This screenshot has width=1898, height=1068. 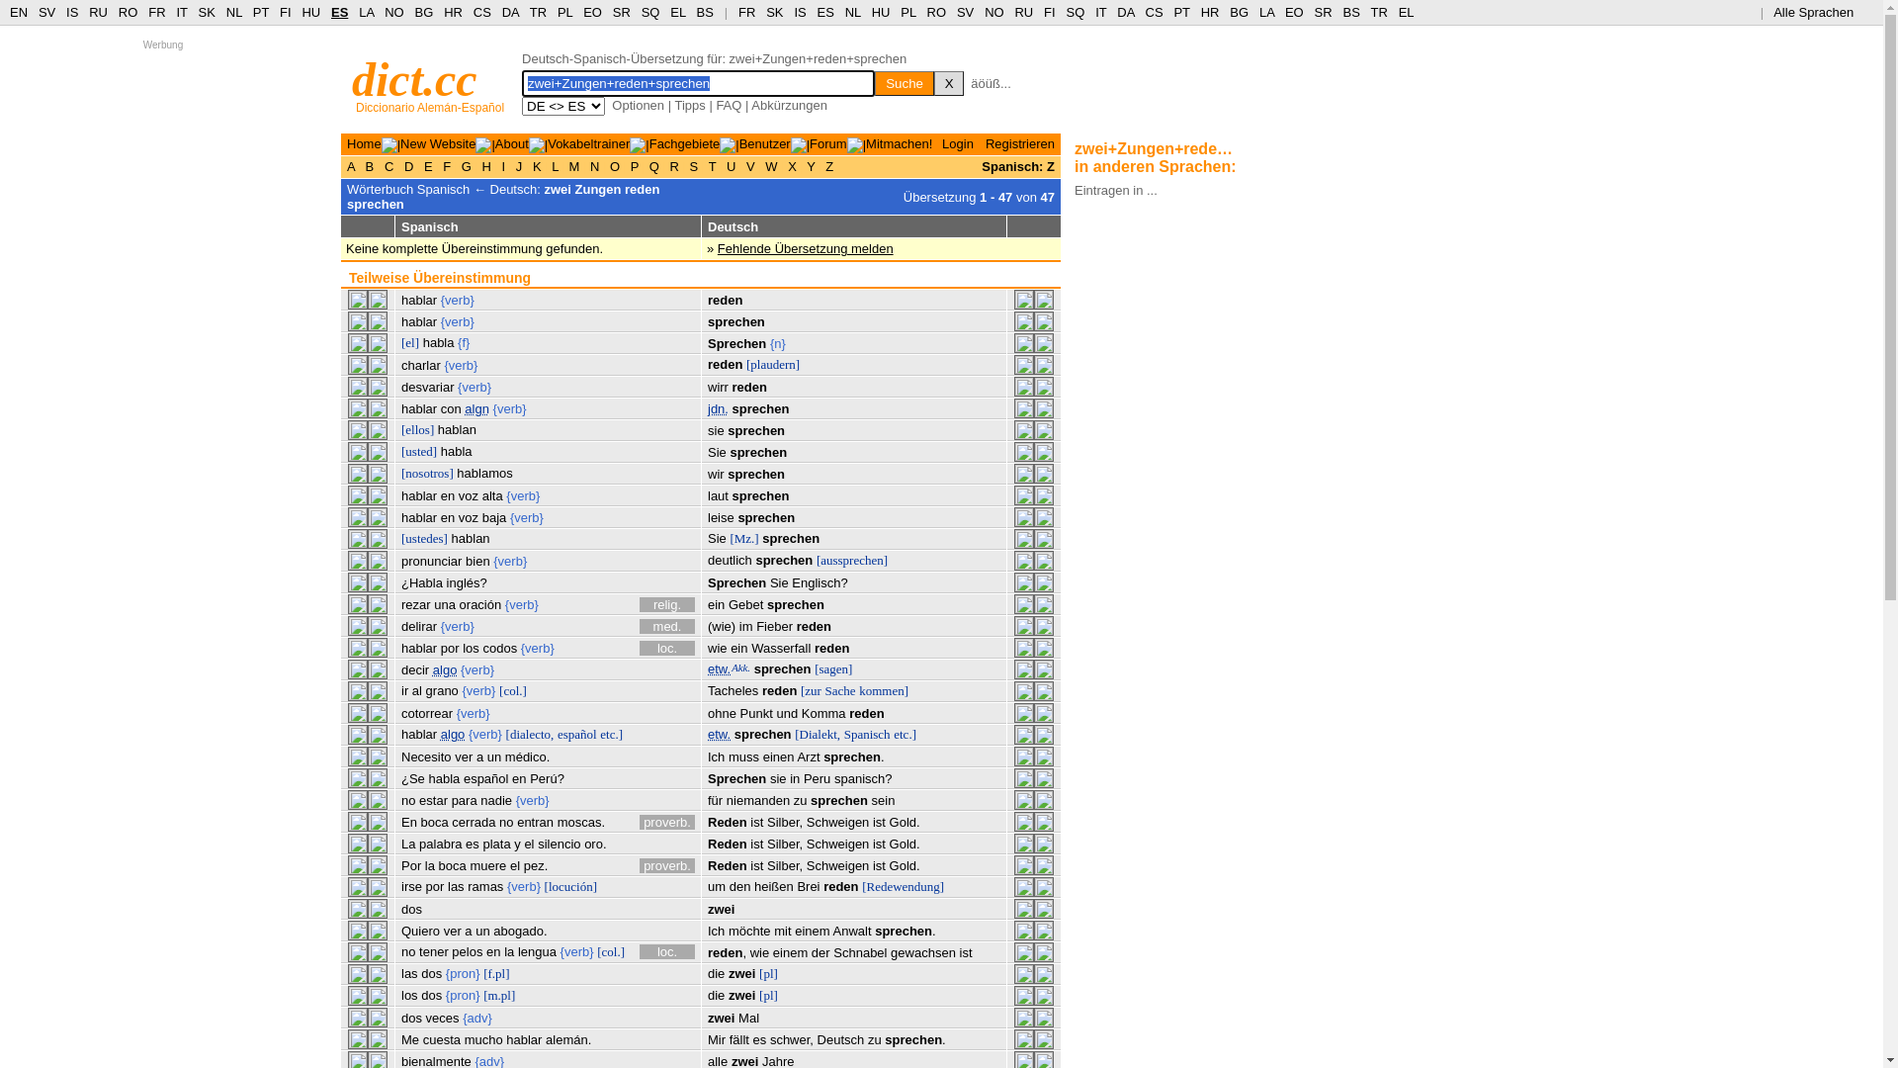 I want to click on 'hablar', so click(x=417, y=516).